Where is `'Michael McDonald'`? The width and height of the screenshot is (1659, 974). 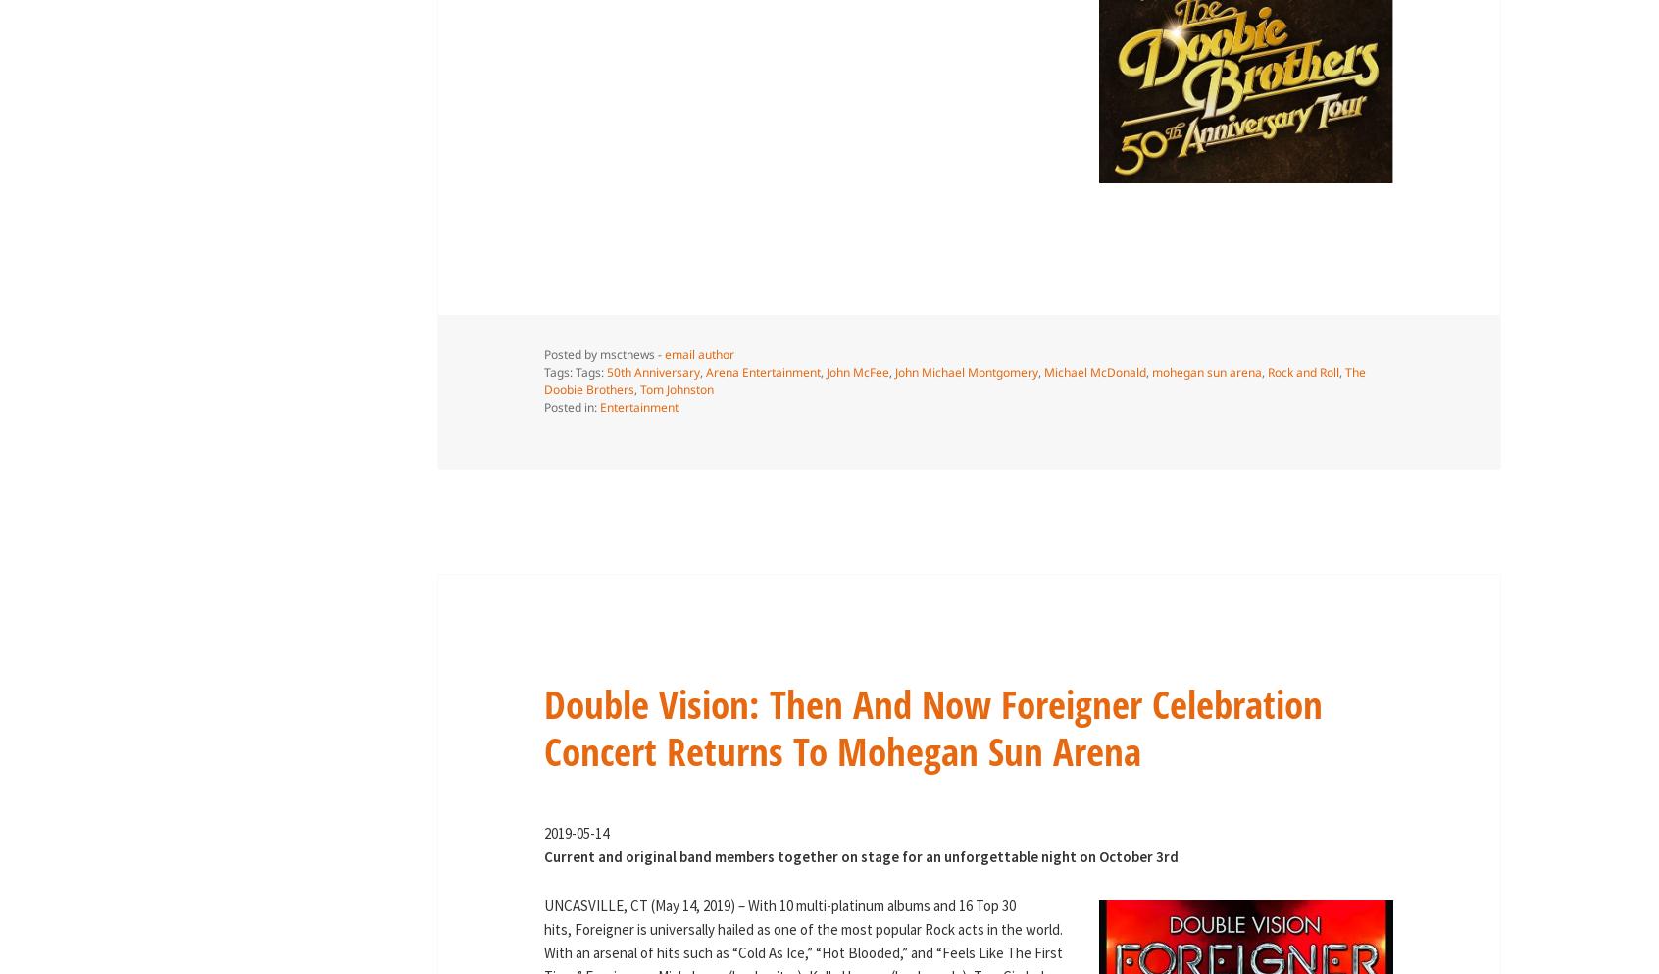 'Michael McDonald' is located at coordinates (1094, 372).